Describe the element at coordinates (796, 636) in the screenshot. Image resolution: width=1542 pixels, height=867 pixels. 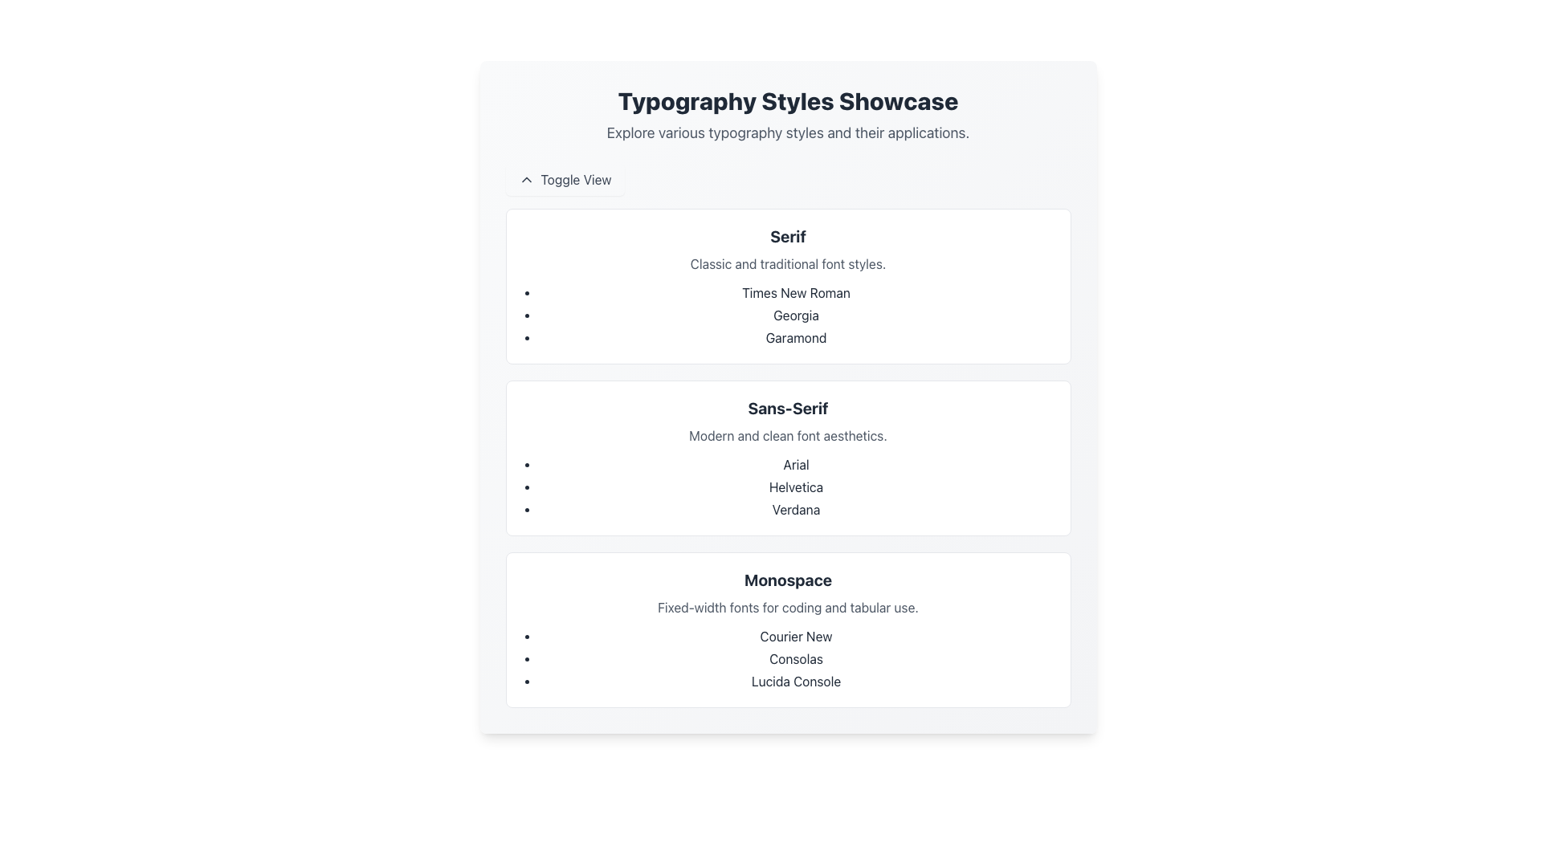
I see `the first item in the bulleted list under the 'Monospace' section, which indicates the 'Courier New' font option` at that location.